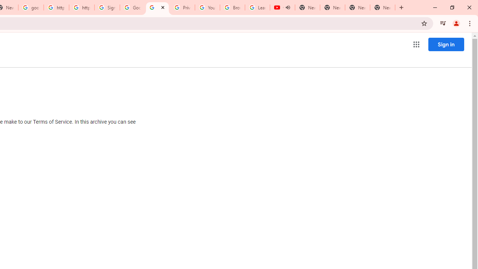  What do you see at coordinates (56, 7) in the screenshot?
I see `'https://scholar.google.com/'` at bounding box center [56, 7].